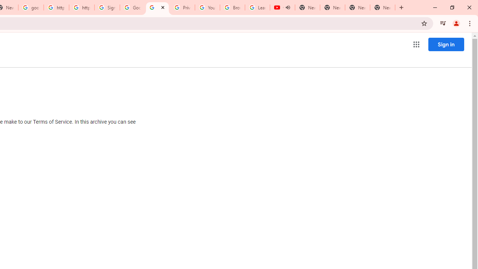  What do you see at coordinates (56, 7) in the screenshot?
I see `'https://scholar.google.com/'` at bounding box center [56, 7].